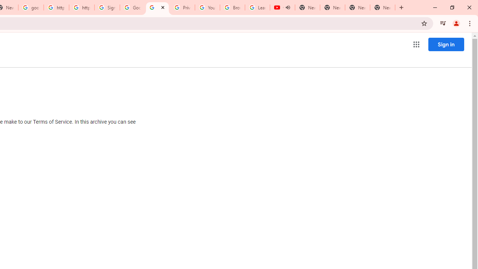  What do you see at coordinates (56, 7) in the screenshot?
I see `'https://scholar.google.com/'` at bounding box center [56, 7].